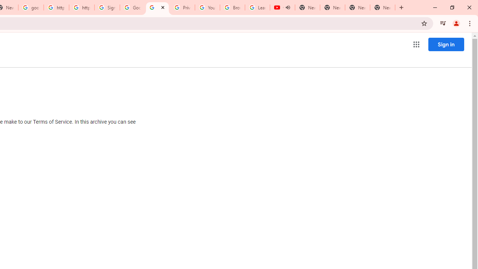  What do you see at coordinates (56, 7) in the screenshot?
I see `'https://scholar.google.com/'` at bounding box center [56, 7].